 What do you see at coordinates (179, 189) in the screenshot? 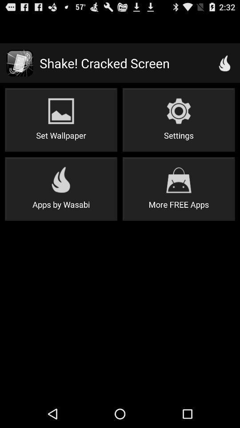
I see `button to the right of the apps by wasabi button` at bounding box center [179, 189].